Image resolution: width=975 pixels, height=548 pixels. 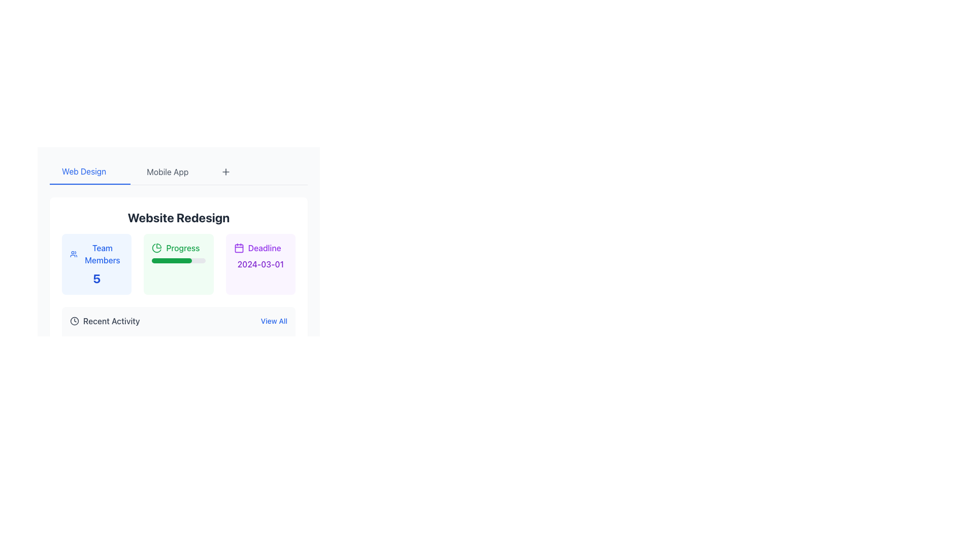 What do you see at coordinates (238, 248) in the screenshot?
I see `the SVG rectangle shape that is part of the calendar icon` at bounding box center [238, 248].